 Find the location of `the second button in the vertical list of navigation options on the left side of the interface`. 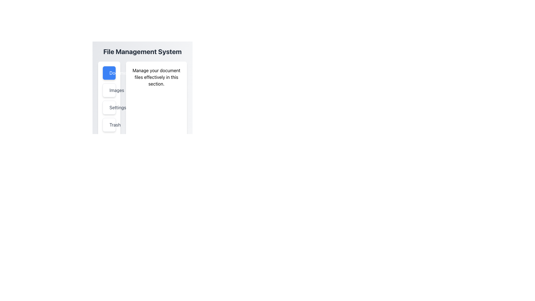

the second button in the vertical list of navigation options on the left side of the interface is located at coordinates (109, 90).